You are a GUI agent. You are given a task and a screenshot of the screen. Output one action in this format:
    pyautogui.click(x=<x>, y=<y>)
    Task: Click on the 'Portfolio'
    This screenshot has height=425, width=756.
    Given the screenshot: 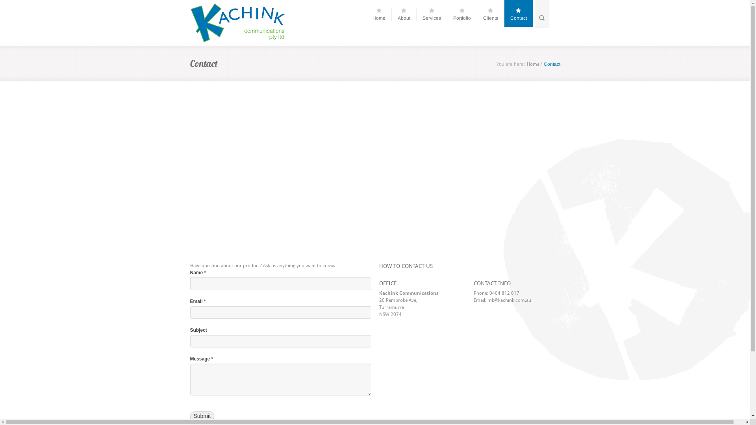 What is the action you would take?
    pyautogui.click(x=465, y=14)
    